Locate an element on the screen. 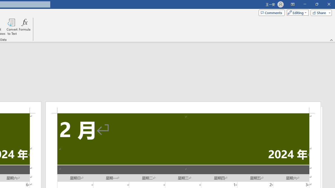  'Convert to Text...' is located at coordinates (12, 27).